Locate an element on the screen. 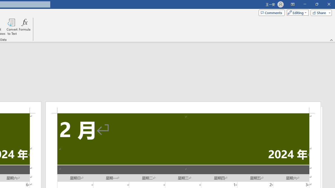  'Convert to Text...' is located at coordinates (12, 27).